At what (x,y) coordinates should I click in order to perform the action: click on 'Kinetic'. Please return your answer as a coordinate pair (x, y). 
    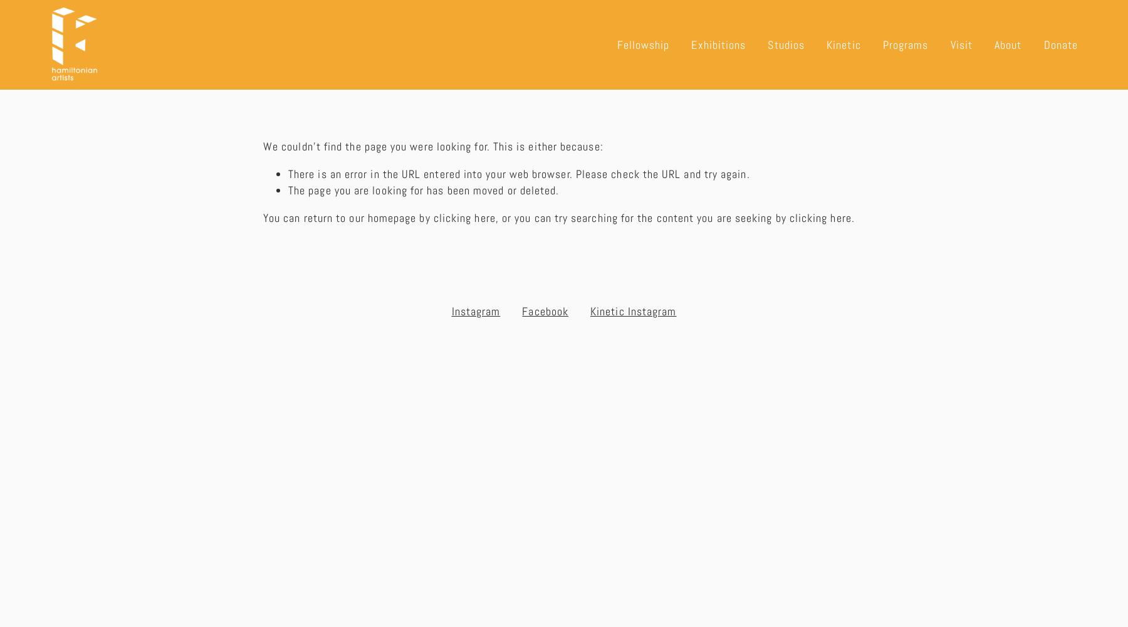
    Looking at the image, I should click on (843, 43).